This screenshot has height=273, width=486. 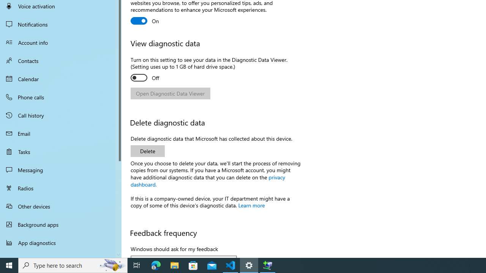 I want to click on 'Settings - 1 running window', so click(x=249, y=265).